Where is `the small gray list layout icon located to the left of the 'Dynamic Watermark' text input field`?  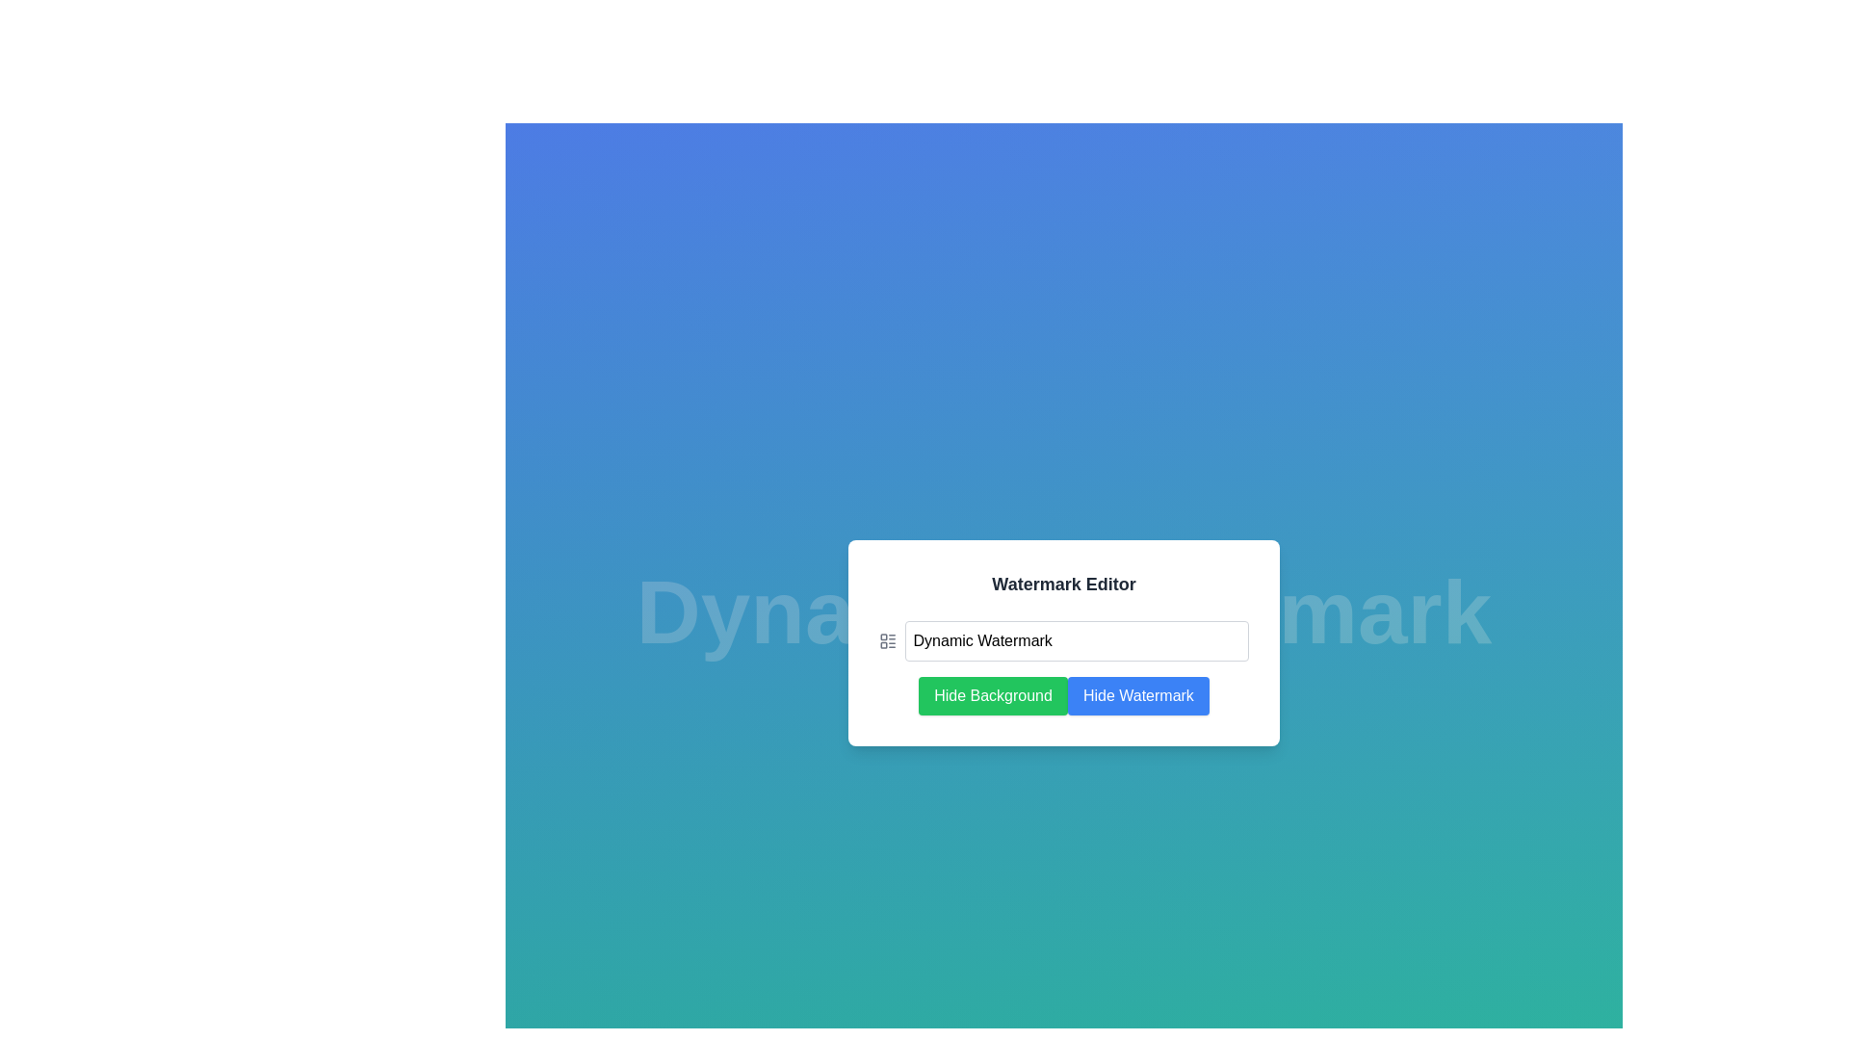
the small gray list layout icon located to the left of the 'Dynamic Watermark' text input field is located at coordinates (887, 641).